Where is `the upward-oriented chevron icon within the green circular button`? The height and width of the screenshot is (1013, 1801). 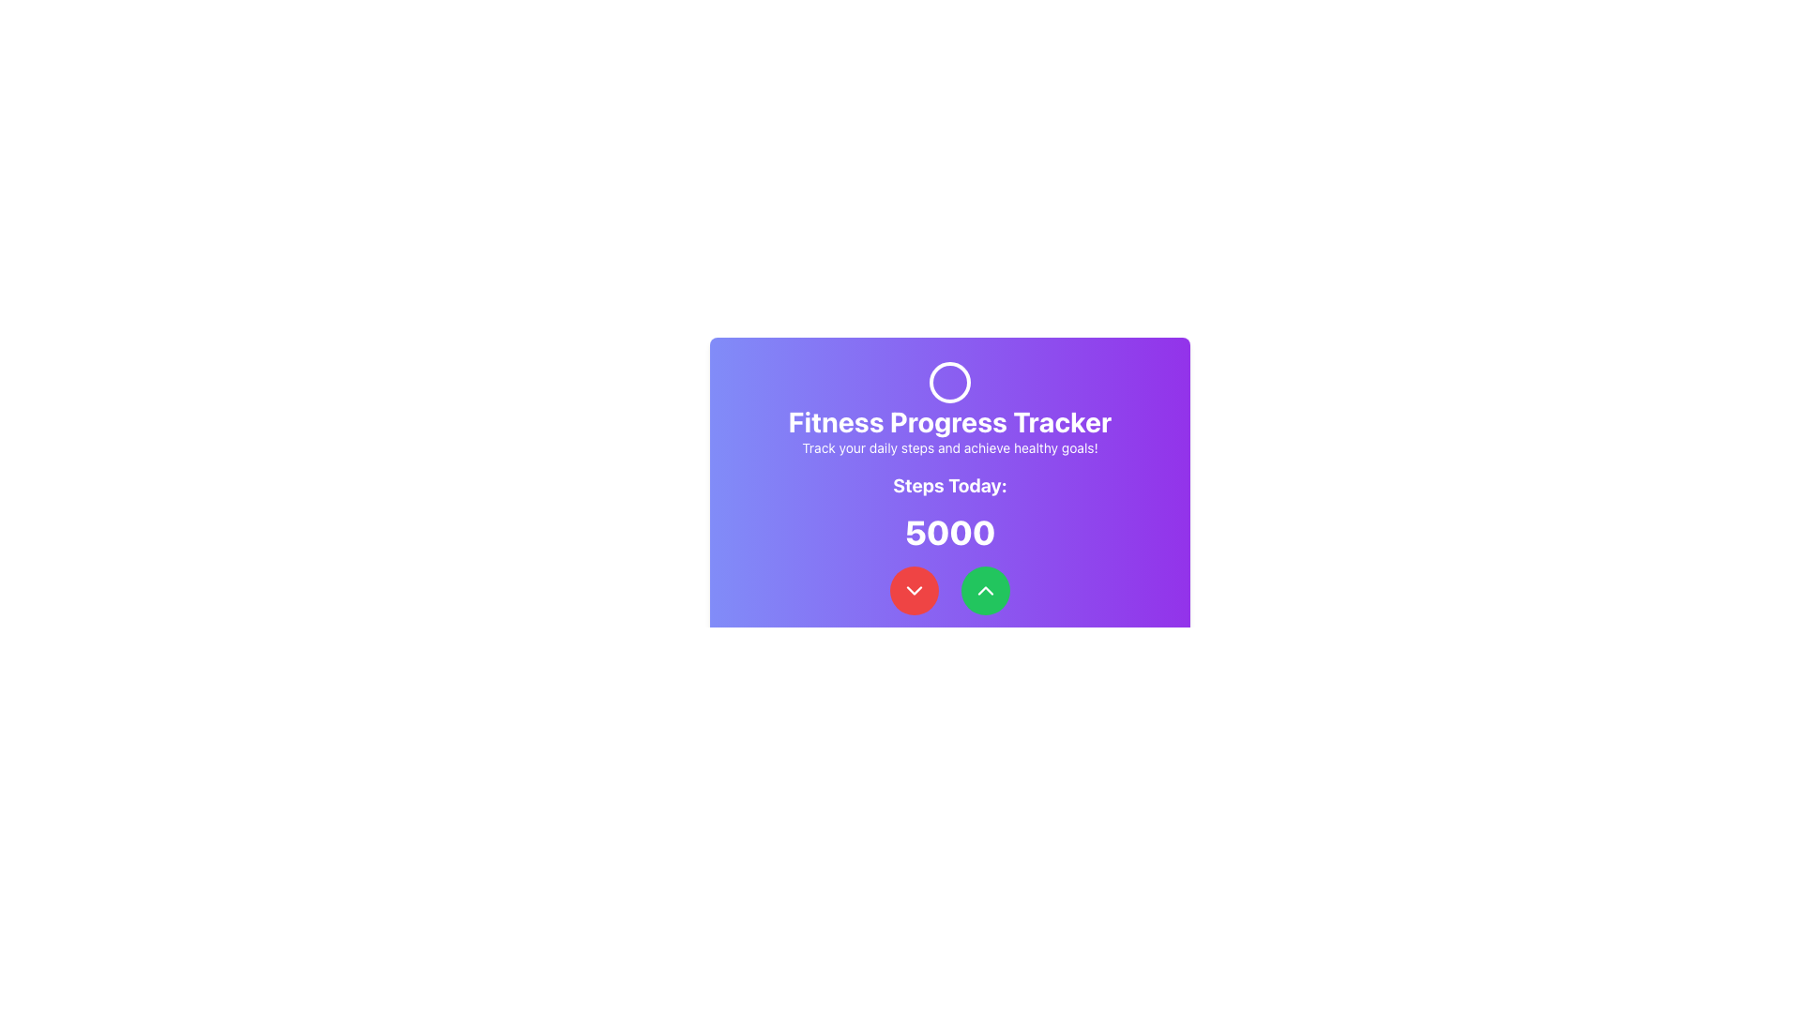
the upward-oriented chevron icon within the green circular button is located at coordinates (985, 589).